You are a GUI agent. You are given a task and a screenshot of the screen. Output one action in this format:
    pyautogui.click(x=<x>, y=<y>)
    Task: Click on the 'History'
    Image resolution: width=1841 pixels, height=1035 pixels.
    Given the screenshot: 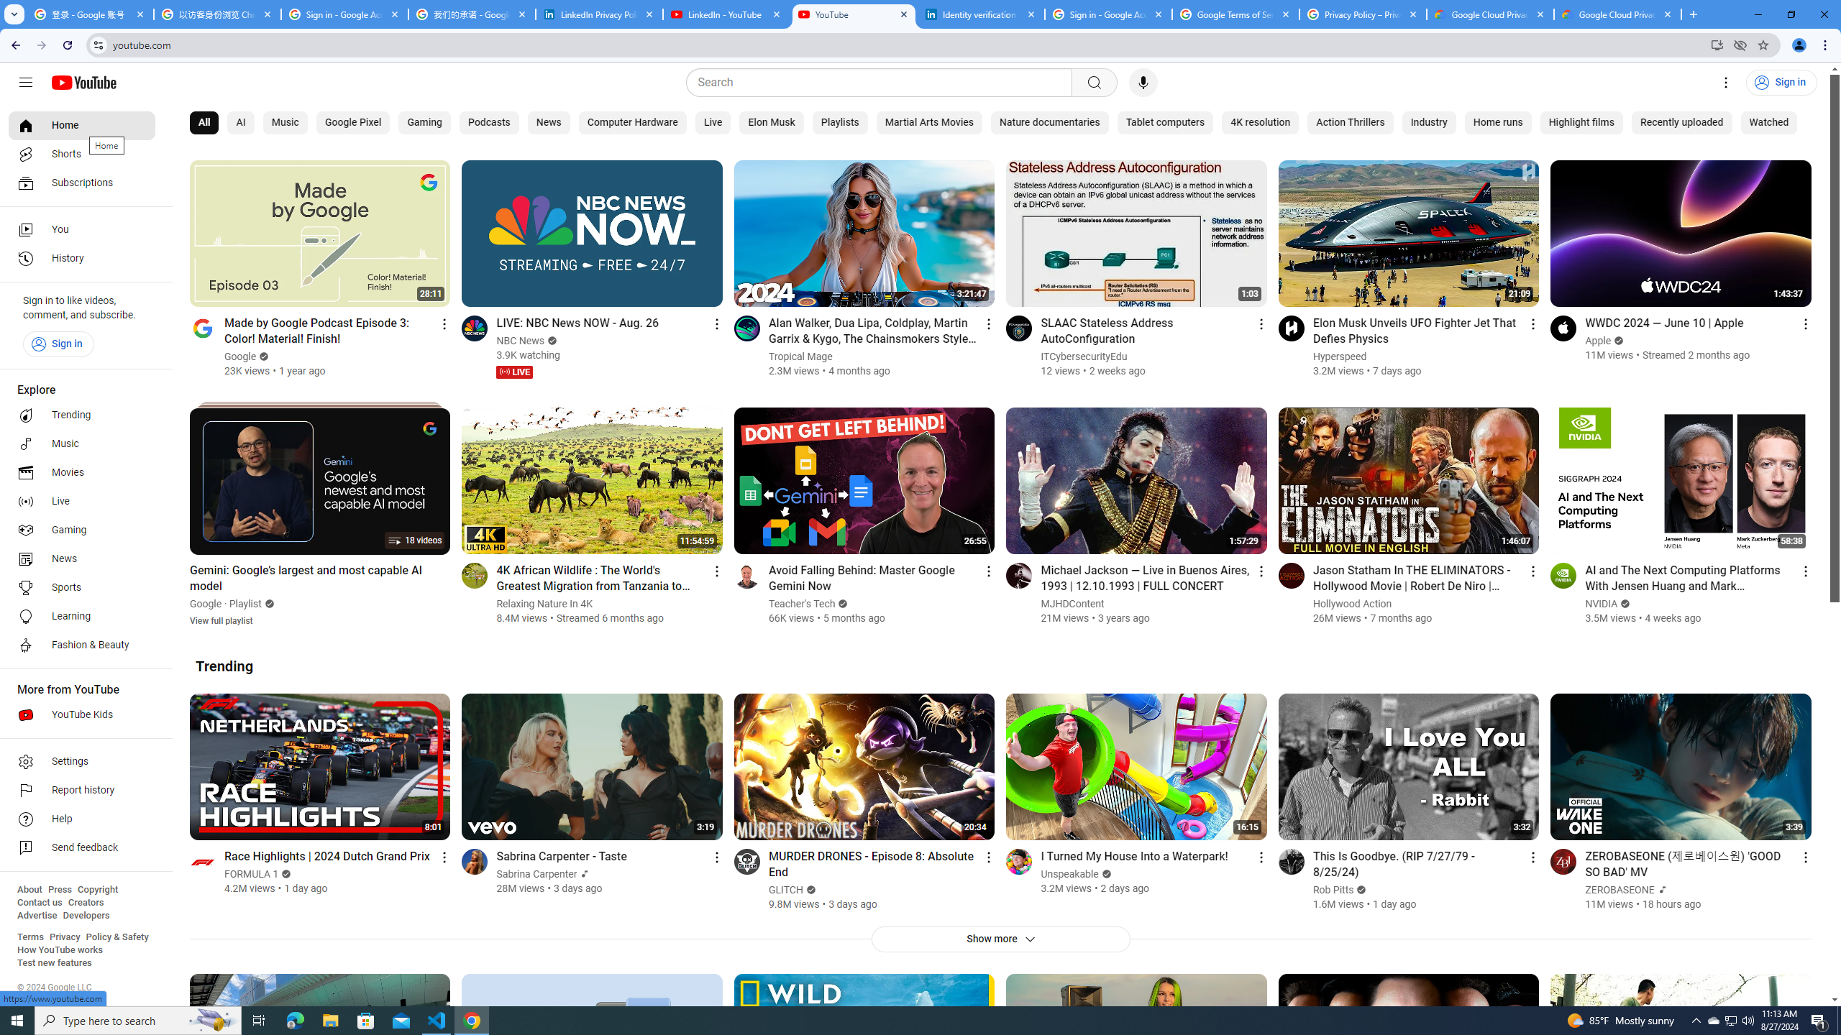 What is the action you would take?
    pyautogui.click(x=81, y=259)
    